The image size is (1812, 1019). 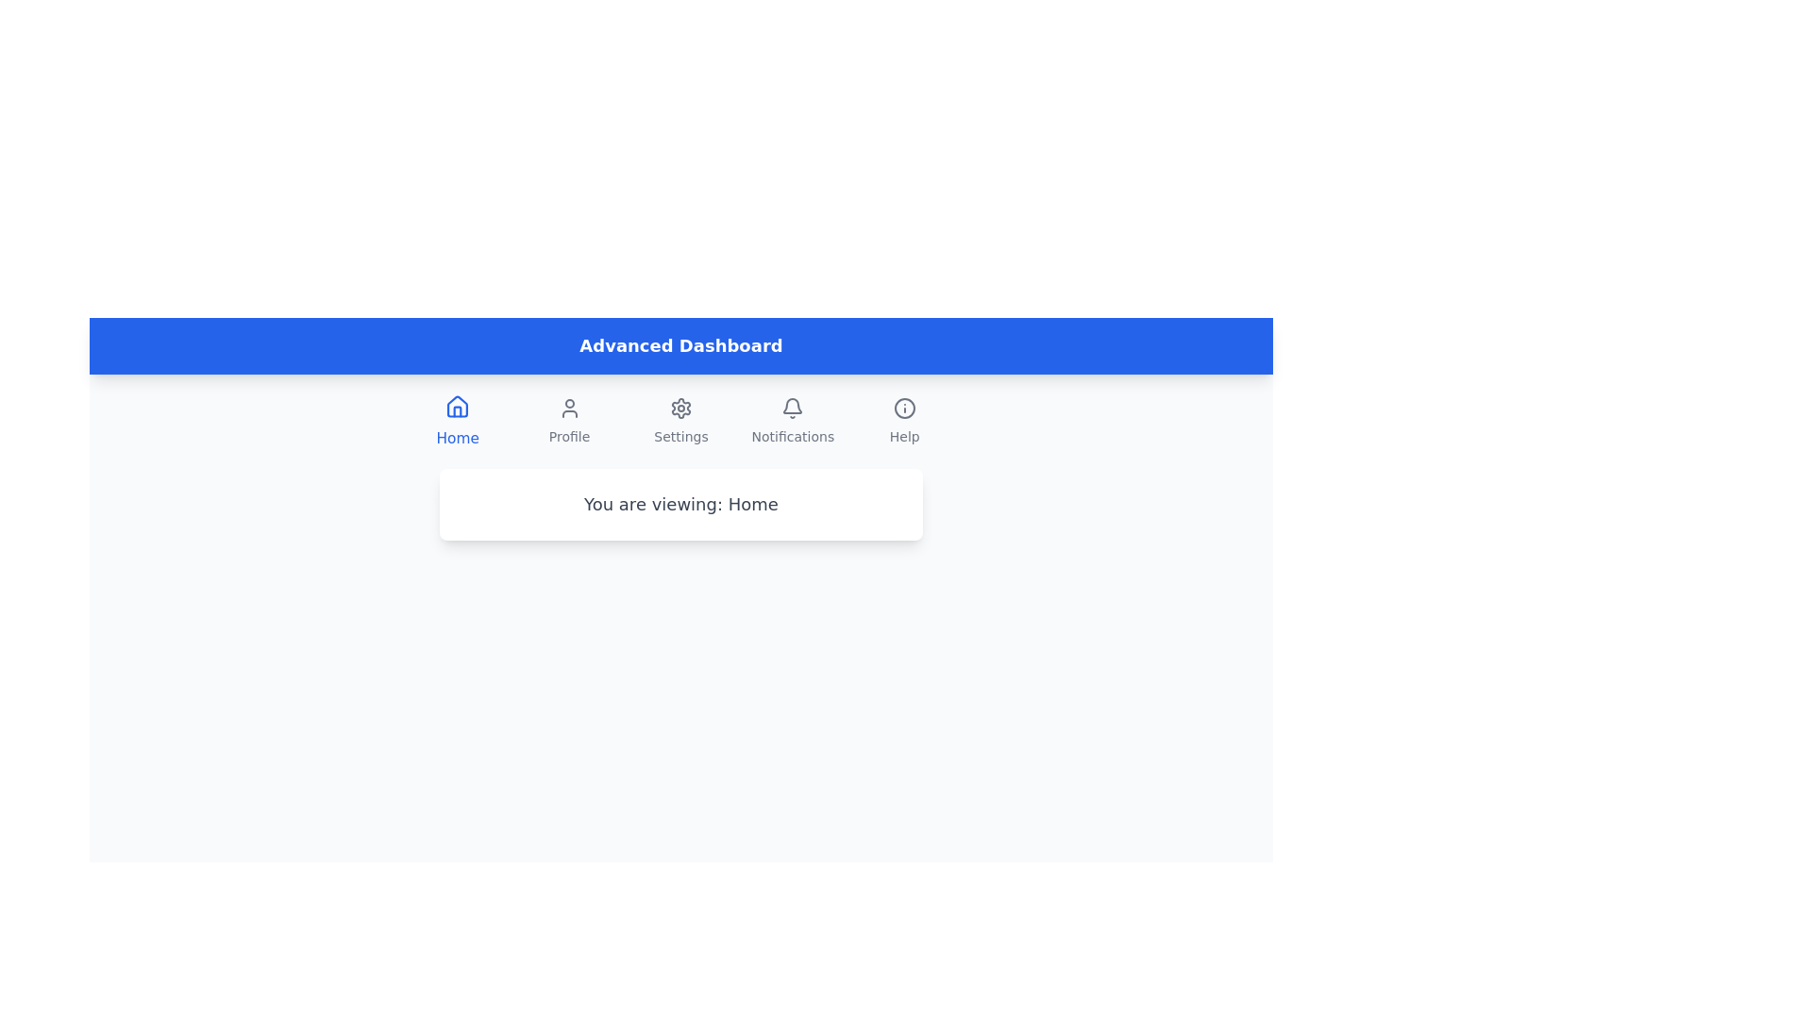 I want to click on the notification trigger icon located at the center of the 'Notifications' navigation button in the top navigation bar, so click(x=793, y=407).